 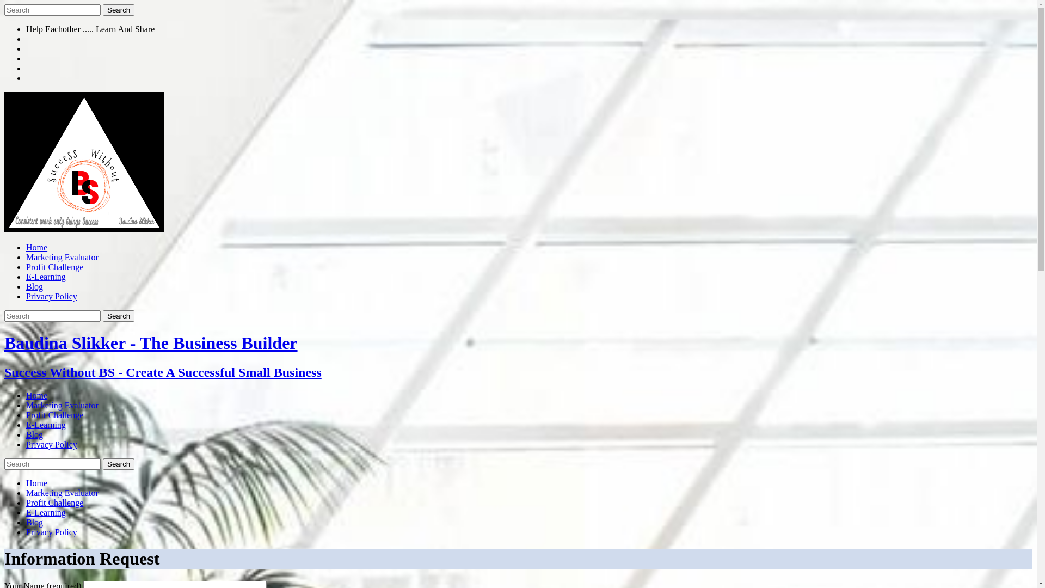 I want to click on 'Marketing Evaluator', so click(x=62, y=493).